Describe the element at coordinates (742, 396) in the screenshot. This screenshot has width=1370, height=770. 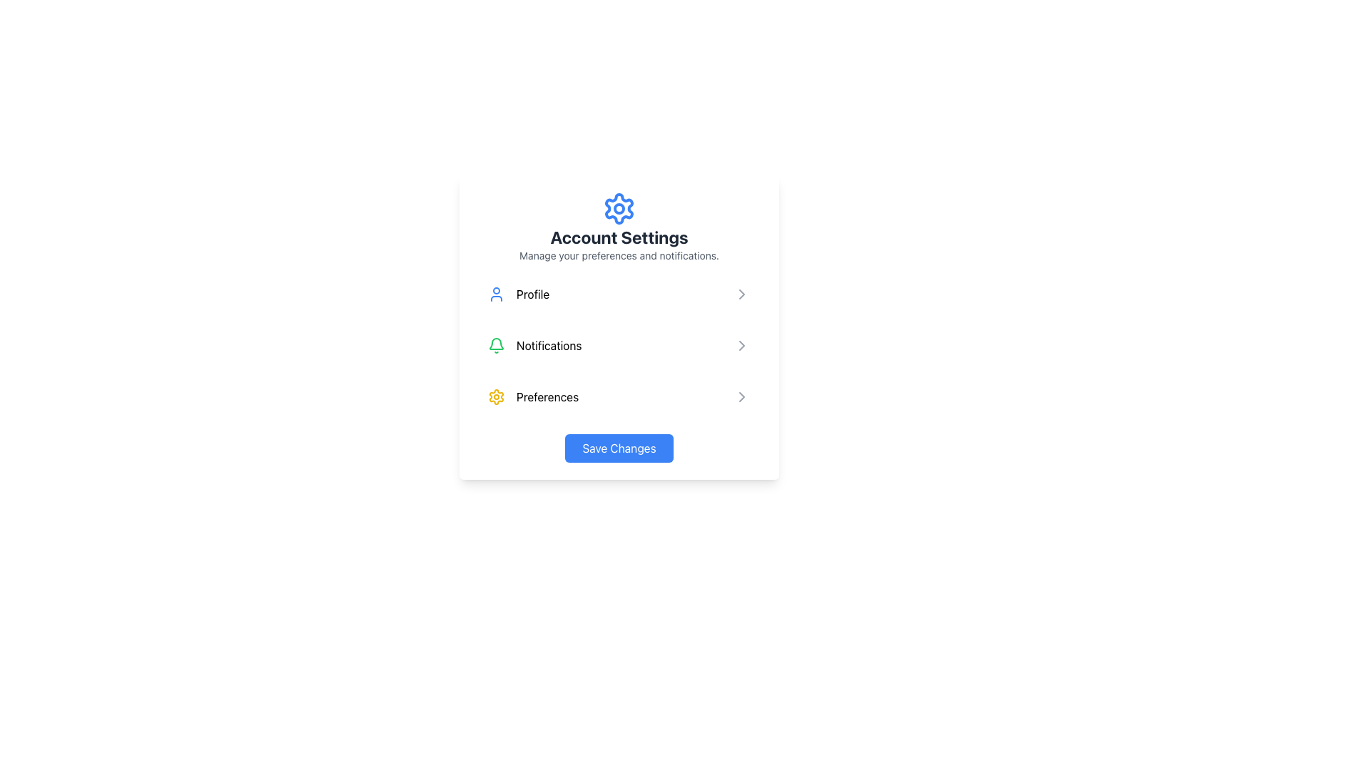
I see `the rightward-pointing chevron icon located next to the 'Preferences' label in the Account Settings menu` at that location.